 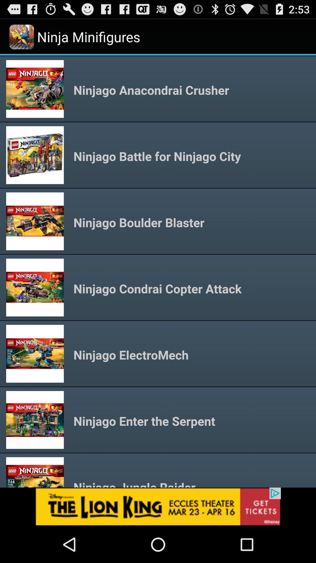 I want to click on the lion king advertisement, so click(x=158, y=506).